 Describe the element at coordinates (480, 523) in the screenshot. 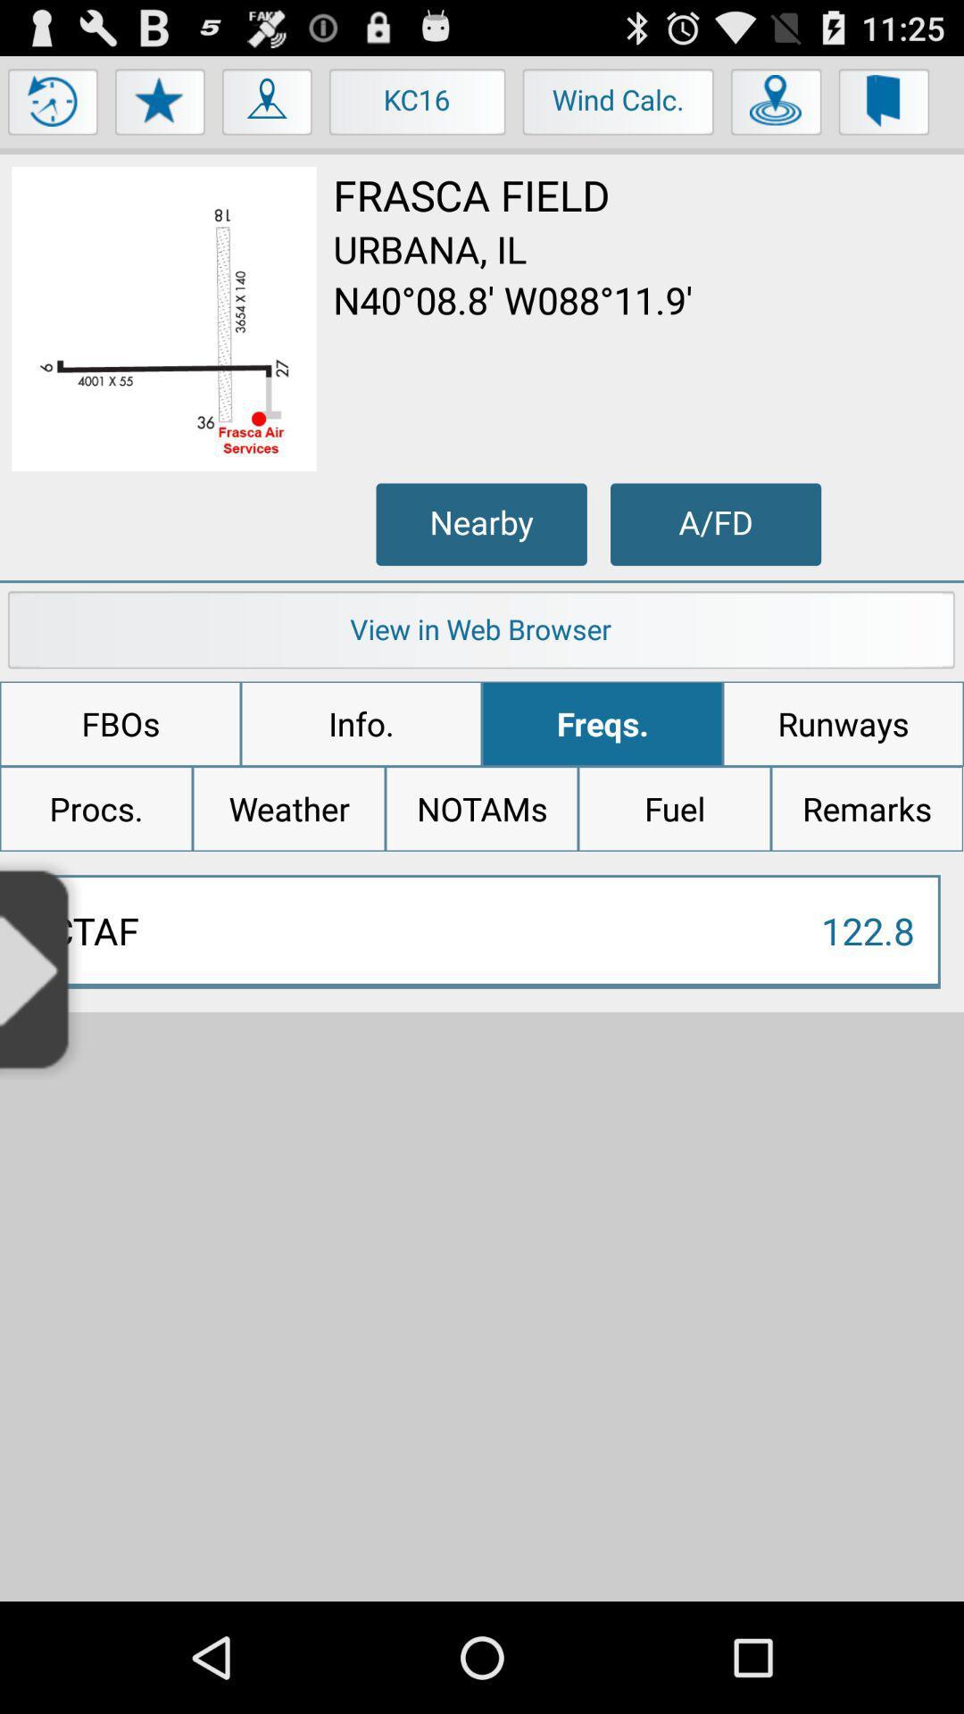

I see `icon next to the a/fd icon` at that location.